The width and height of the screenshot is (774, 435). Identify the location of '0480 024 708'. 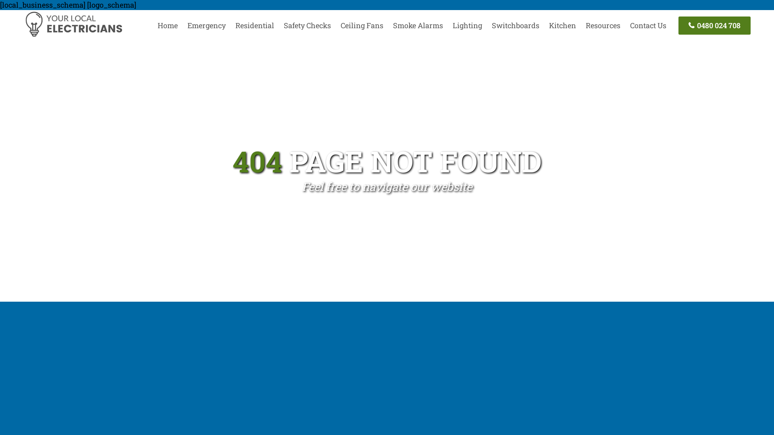
(714, 25).